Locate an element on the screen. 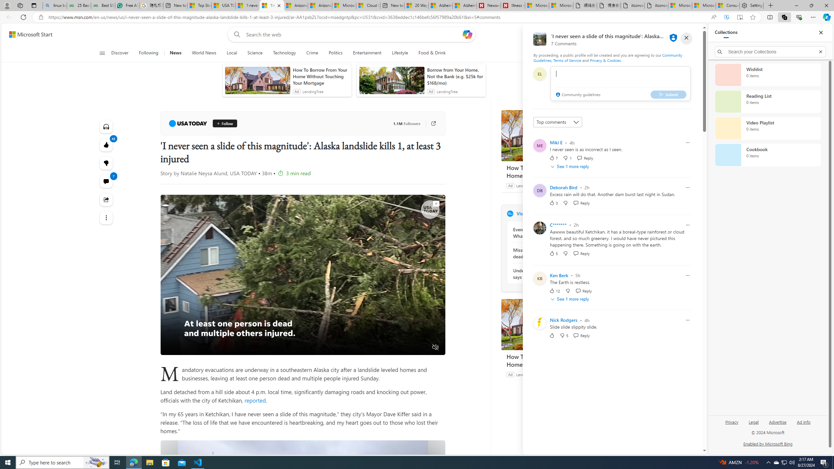  'Go to publisher' is located at coordinates (430, 123).